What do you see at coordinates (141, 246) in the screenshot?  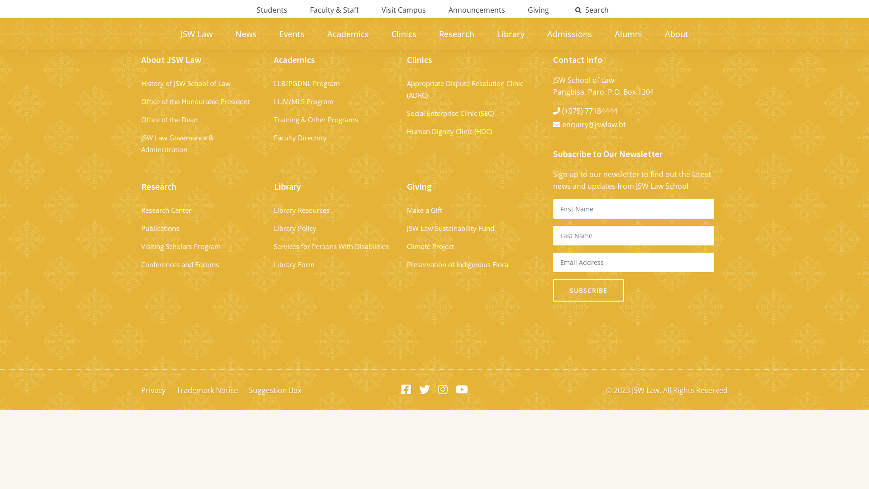 I see `'Visiting Scholars Program'` at bounding box center [141, 246].